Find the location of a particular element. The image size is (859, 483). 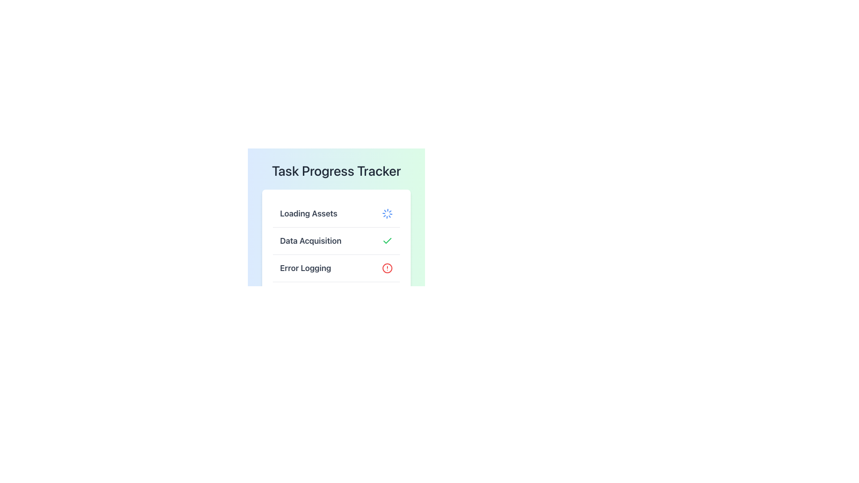

the warning or error status indicator located in the rightmost section of the 'Error Logging' row, next to the 'Error Logging' label is located at coordinates (387, 268).